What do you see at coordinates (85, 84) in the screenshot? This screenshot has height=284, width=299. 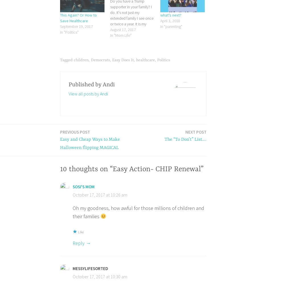 I see `'Published by'` at bounding box center [85, 84].